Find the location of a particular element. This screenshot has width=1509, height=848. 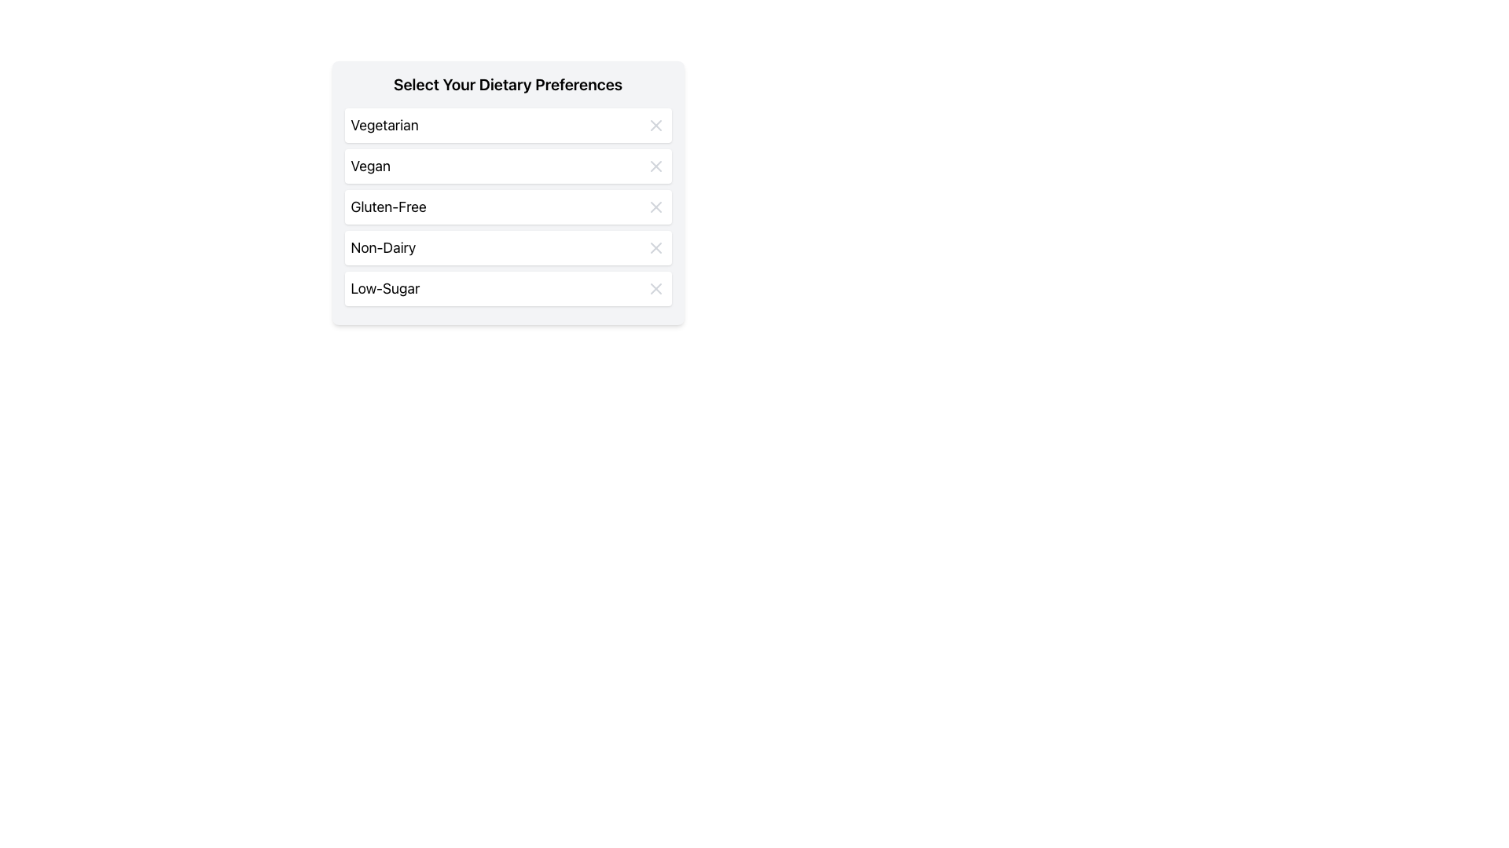

text label identifying the dietary preference option 'Gluten-Free' located in the third row of the selection interface is located at coordinates (388, 206).